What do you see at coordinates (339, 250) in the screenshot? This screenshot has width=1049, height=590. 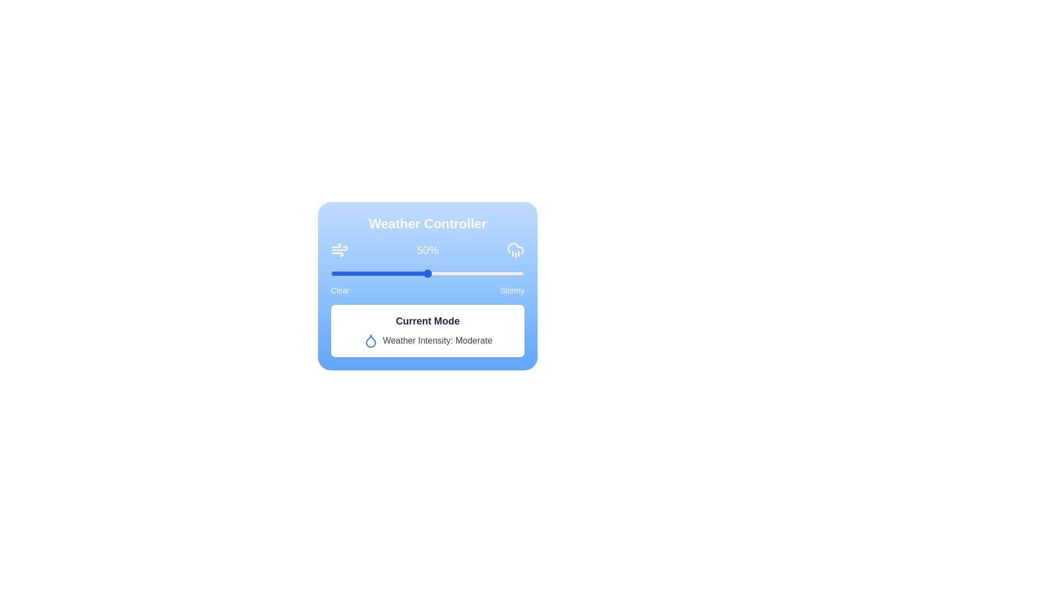 I see `the wind icon to interact with it` at bounding box center [339, 250].